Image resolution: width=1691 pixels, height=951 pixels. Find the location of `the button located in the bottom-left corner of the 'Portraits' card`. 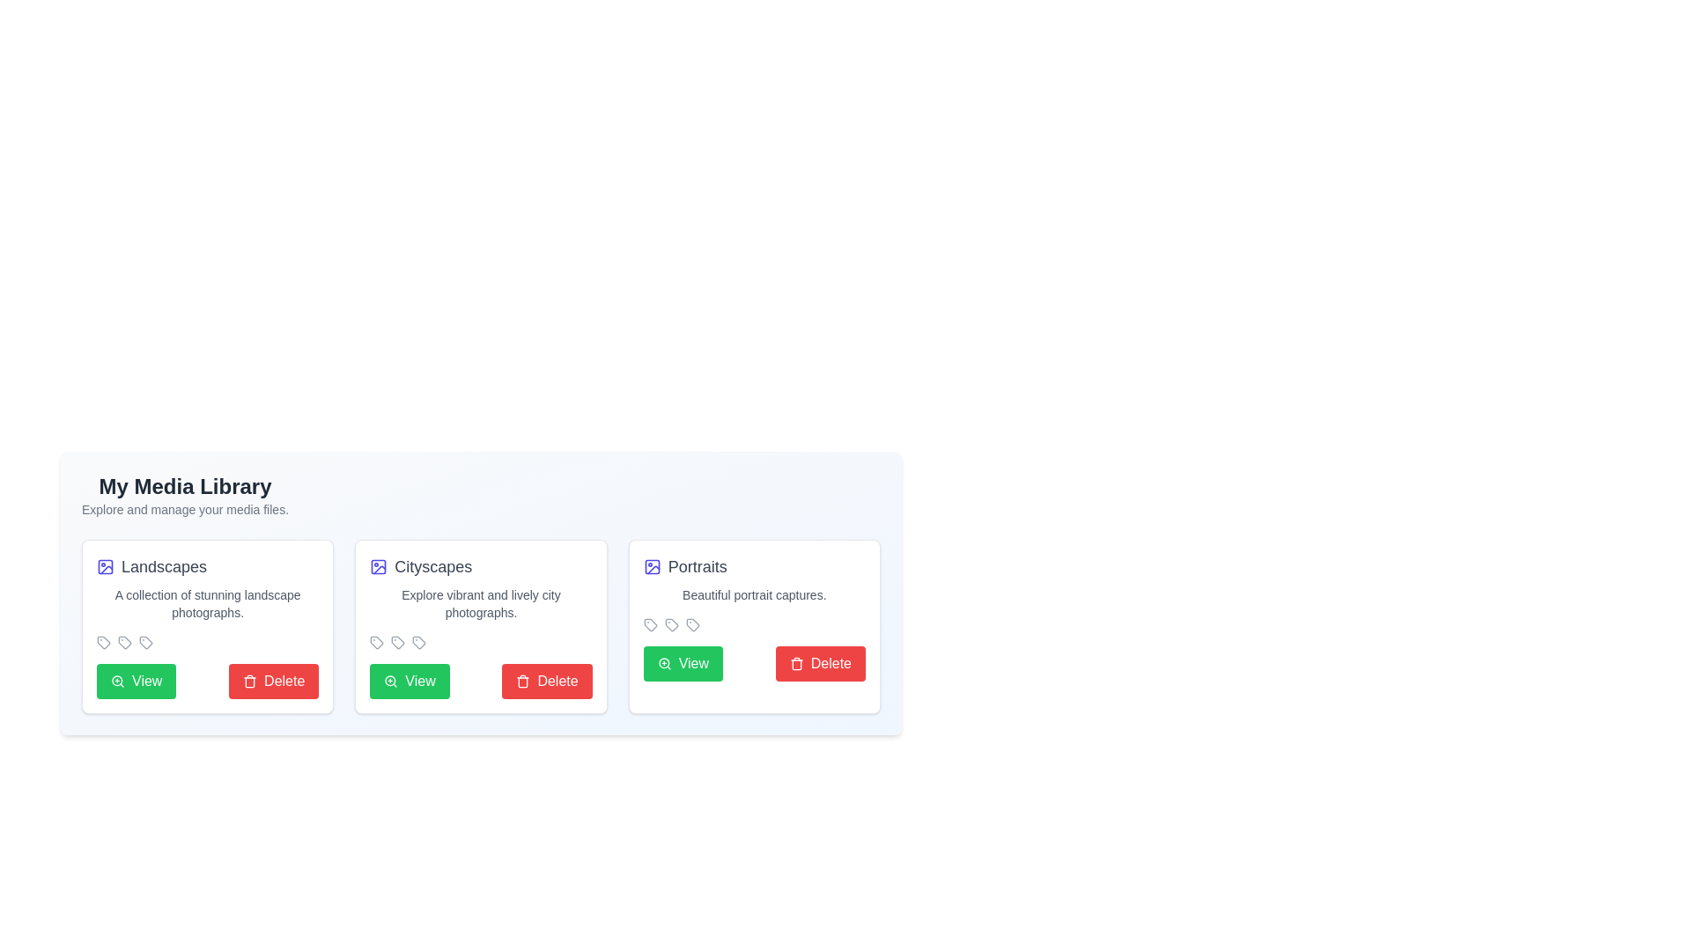

the button located in the bottom-left corner of the 'Portraits' card is located at coordinates (682, 663).